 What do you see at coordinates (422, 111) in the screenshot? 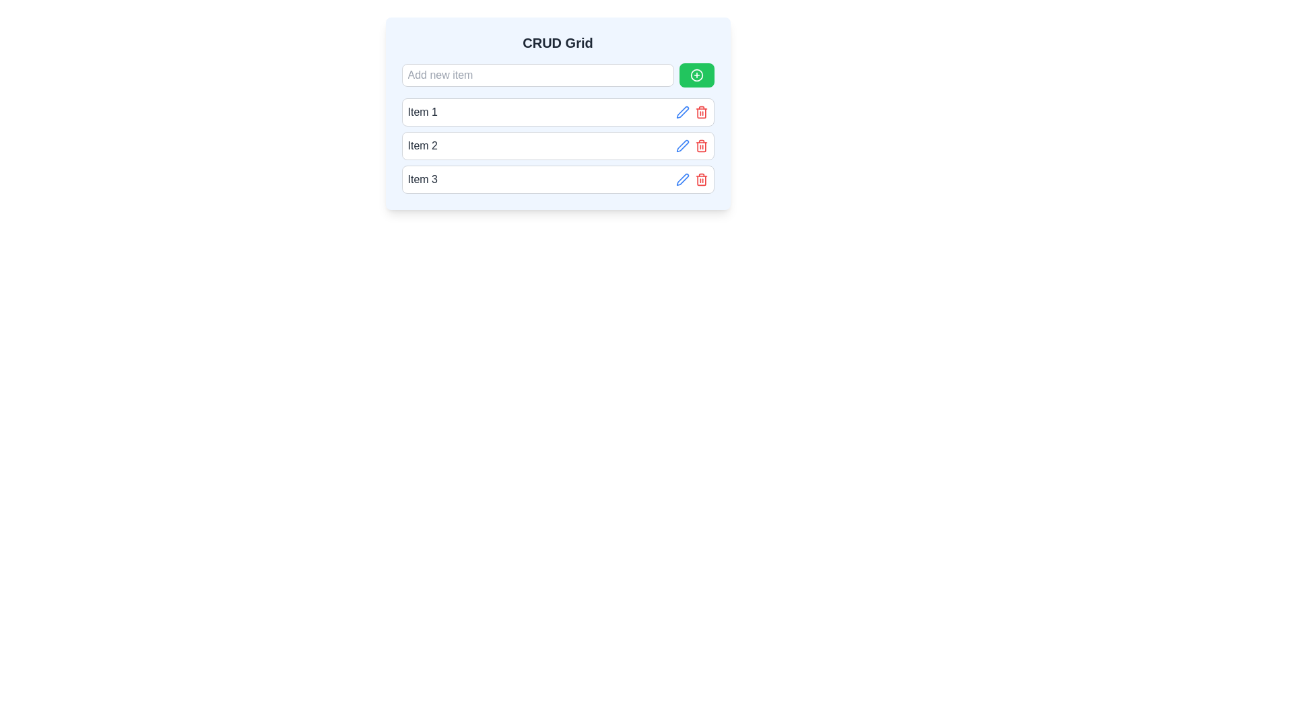
I see `the text label displaying 'Item 1' in a dark gray font, which is the first element in a vertically stacked list under the title 'CRUD Grid'` at bounding box center [422, 111].